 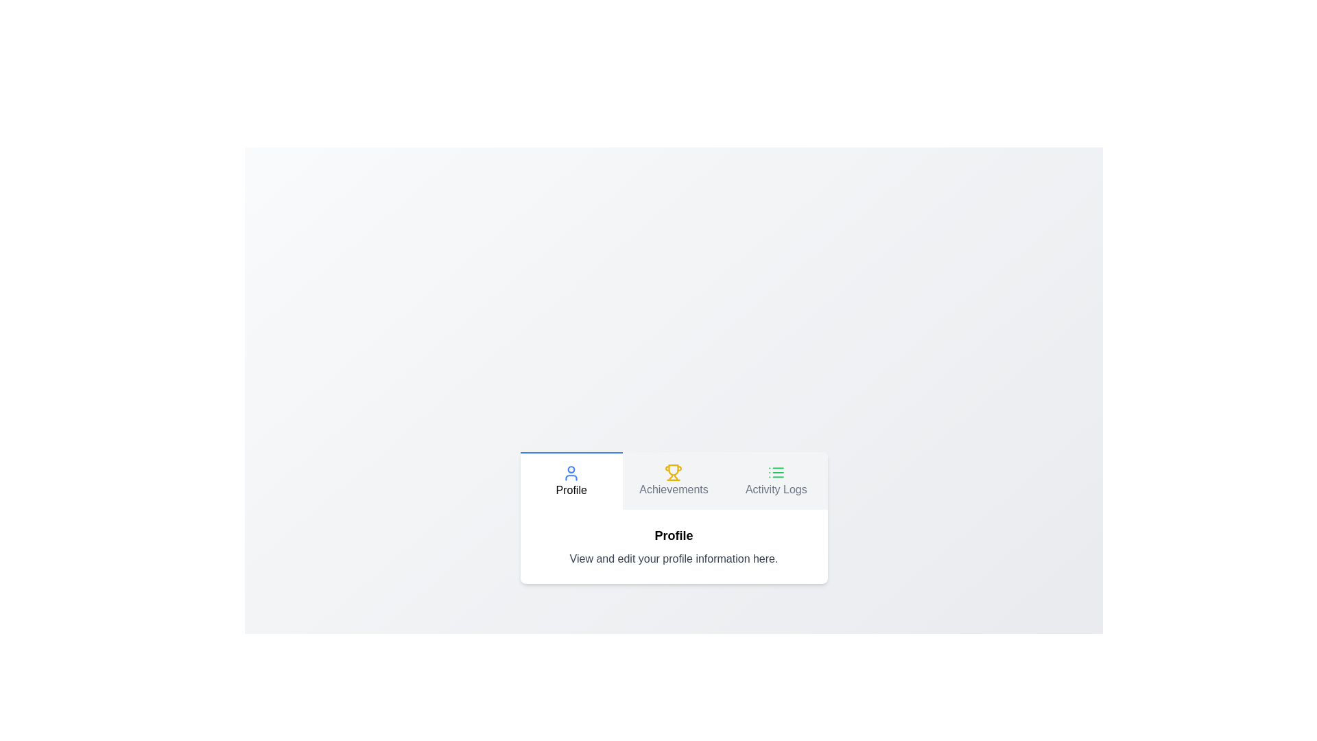 I want to click on the Achievements tab, so click(x=674, y=480).